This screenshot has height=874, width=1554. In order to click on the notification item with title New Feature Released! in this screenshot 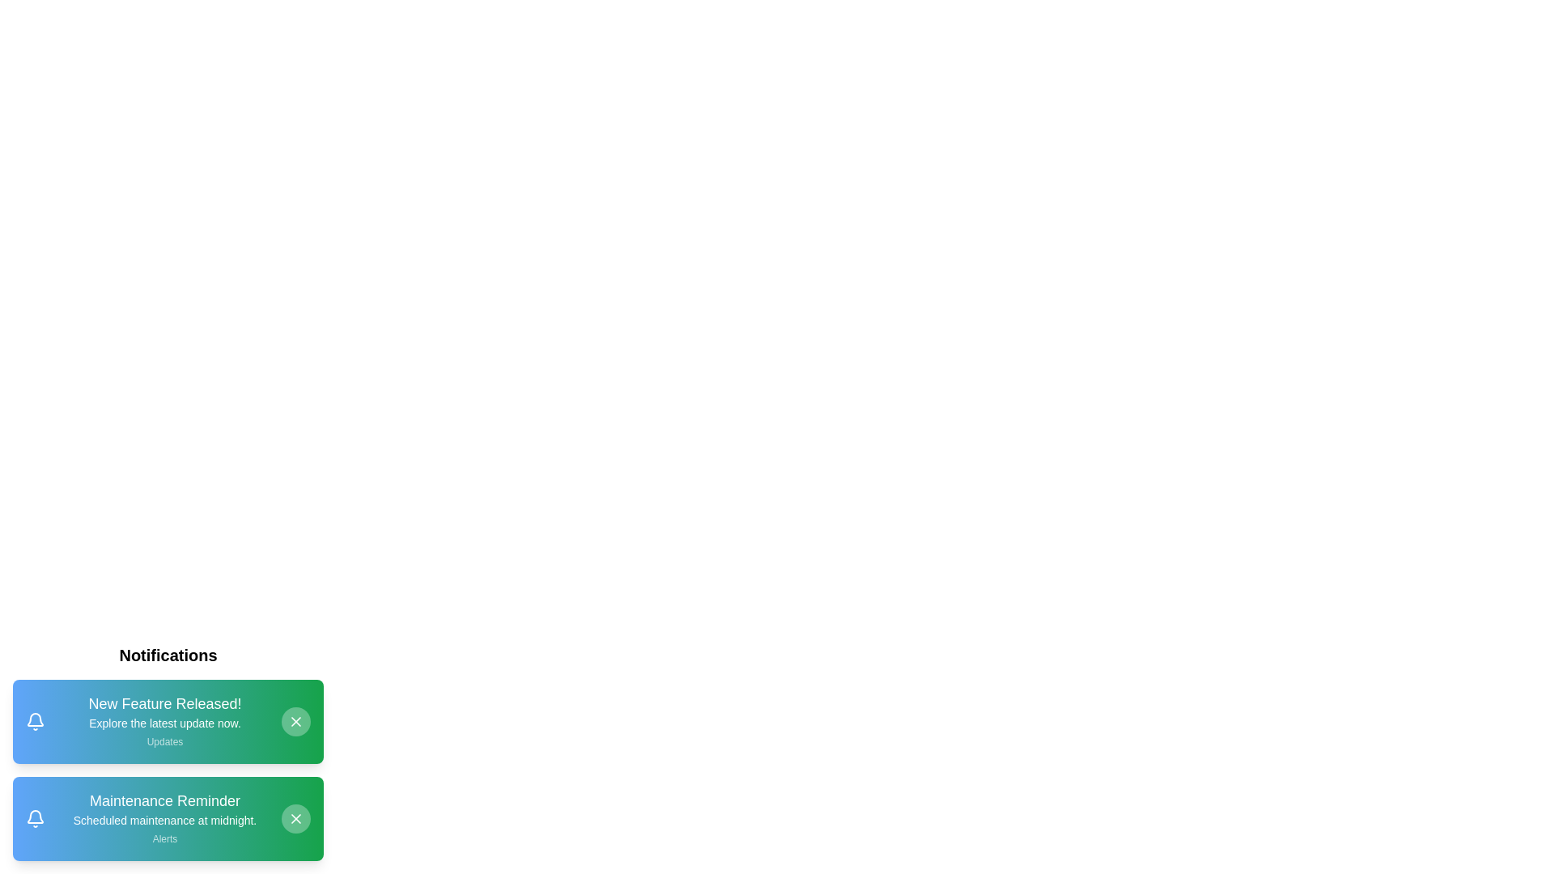, I will do `click(168, 720)`.